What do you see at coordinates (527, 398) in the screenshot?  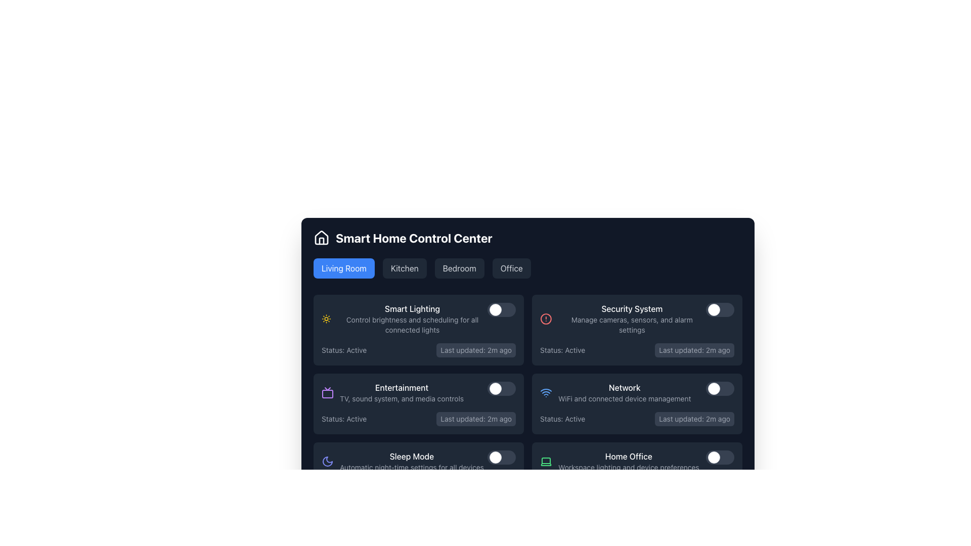 I see `one of the category cards in the grid layout to interact with its settings` at bounding box center [527, 398].